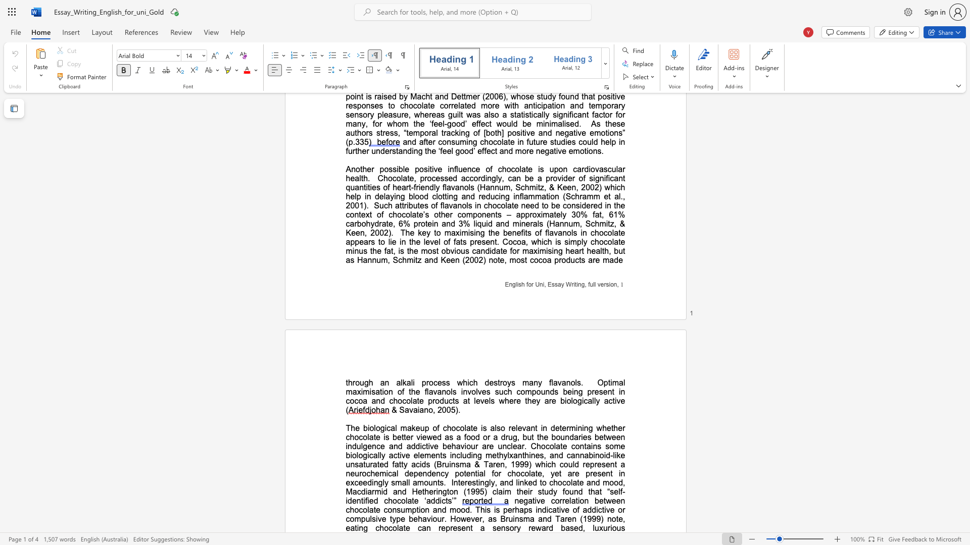 The width and height of the screenshot is (970, 545). Describe the element at coordinates (346, 527) in the screenshot. I see `the subset text "eating chocolate" within the text "of addictive or compulsive type behaviour. However, as Bruinsma and Taren (1999) note, eating chocolate can"` at that location.